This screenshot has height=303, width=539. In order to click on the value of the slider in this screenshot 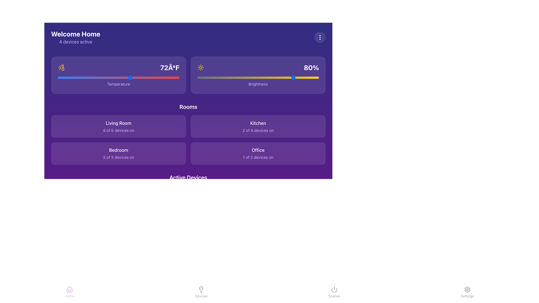, I will do `click(124, 78)`.